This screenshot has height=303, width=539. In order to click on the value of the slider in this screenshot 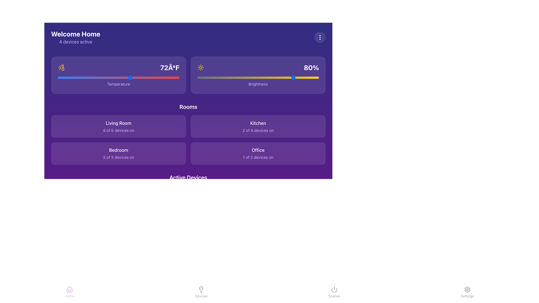, I will do `click(124, 78)`.